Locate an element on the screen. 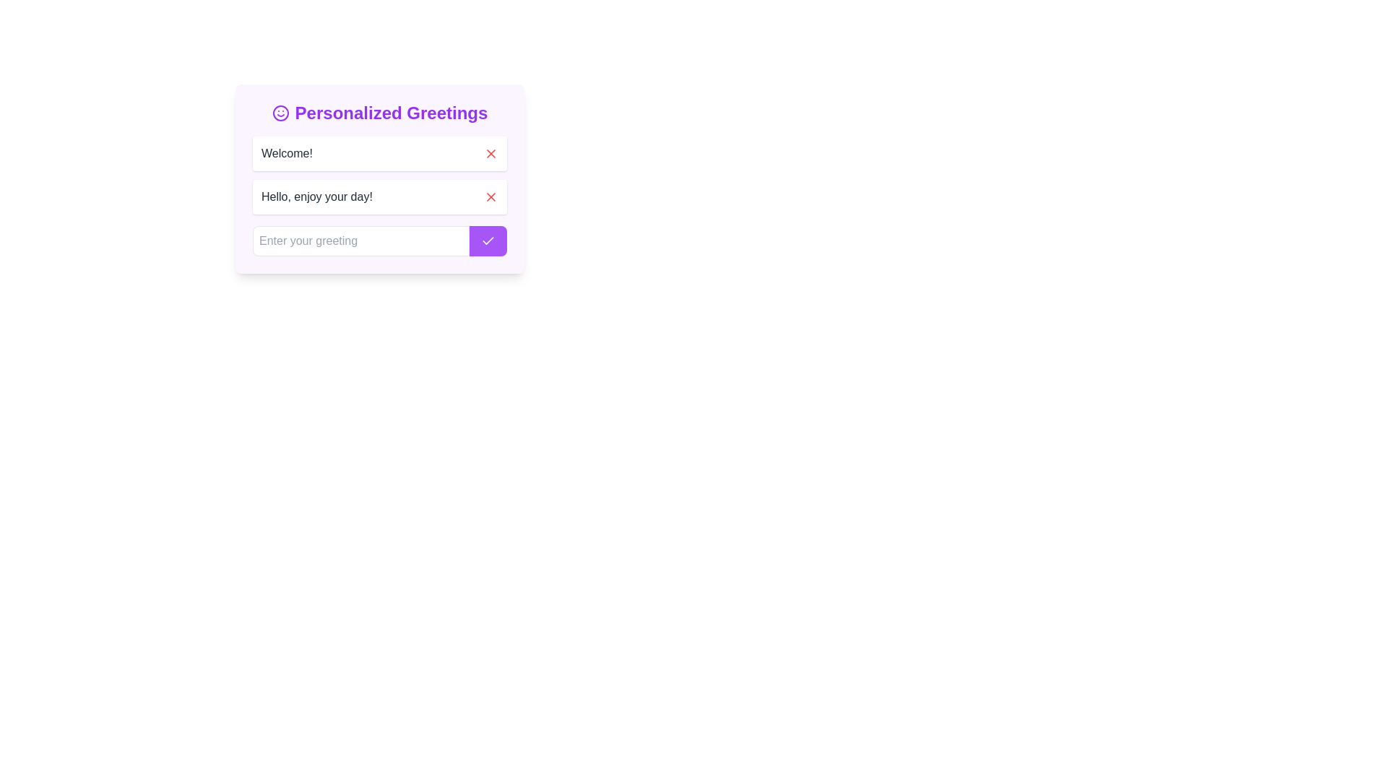  the large purple text element 'Personalized Greetings' with a smiley icon is located at coordinates (380, 113).